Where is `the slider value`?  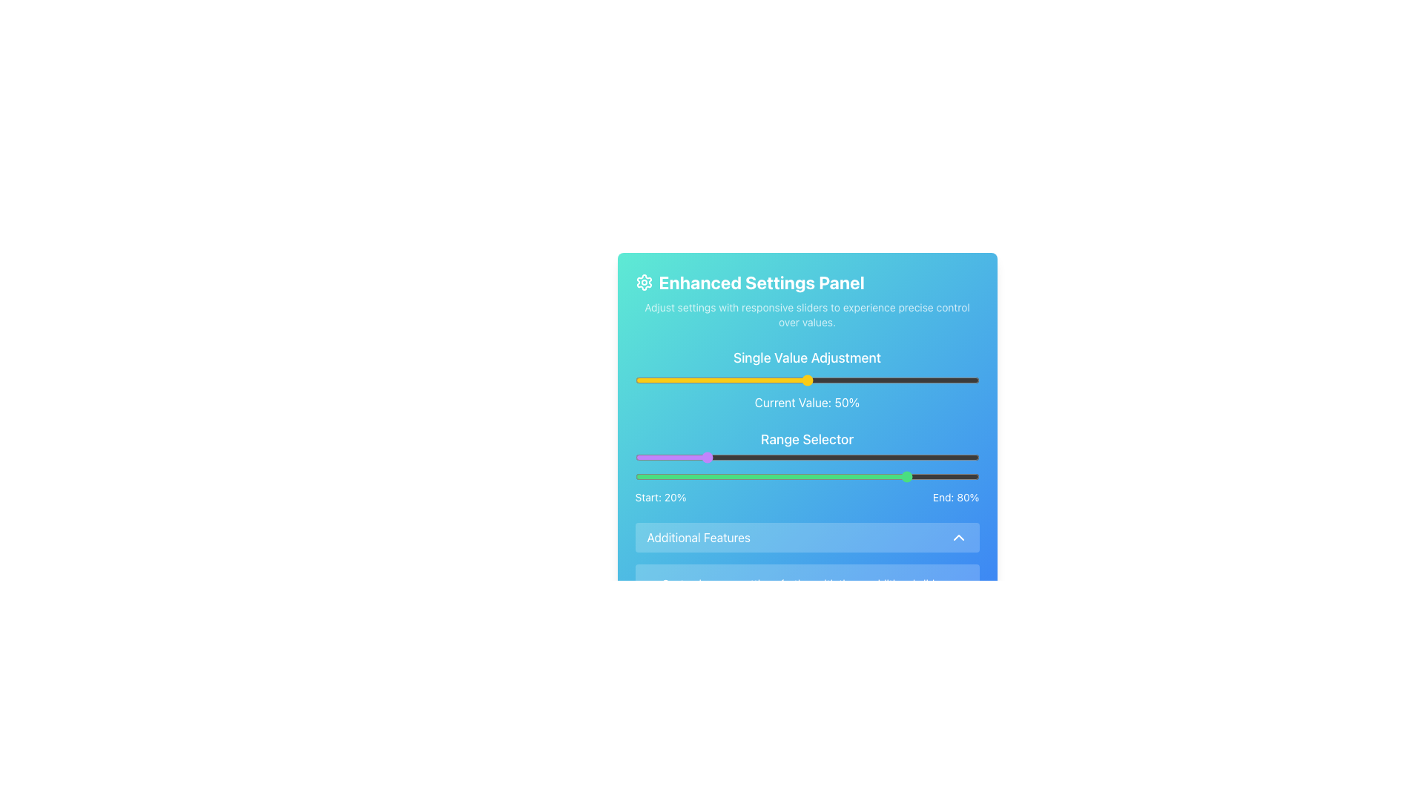 the slider value is located at coordinates (820, 380).